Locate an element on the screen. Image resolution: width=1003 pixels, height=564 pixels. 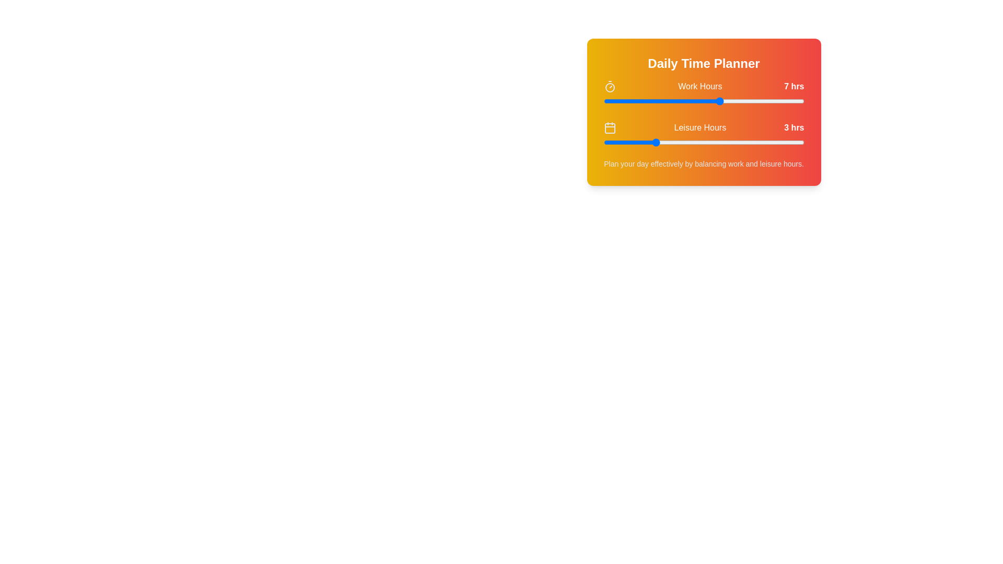
the circular stopwatch icon with a yellow fill and white outline located in the 'Work Hours' row layout, adjacent to the 'Work Hours' label is located at coordinates (610, 86).